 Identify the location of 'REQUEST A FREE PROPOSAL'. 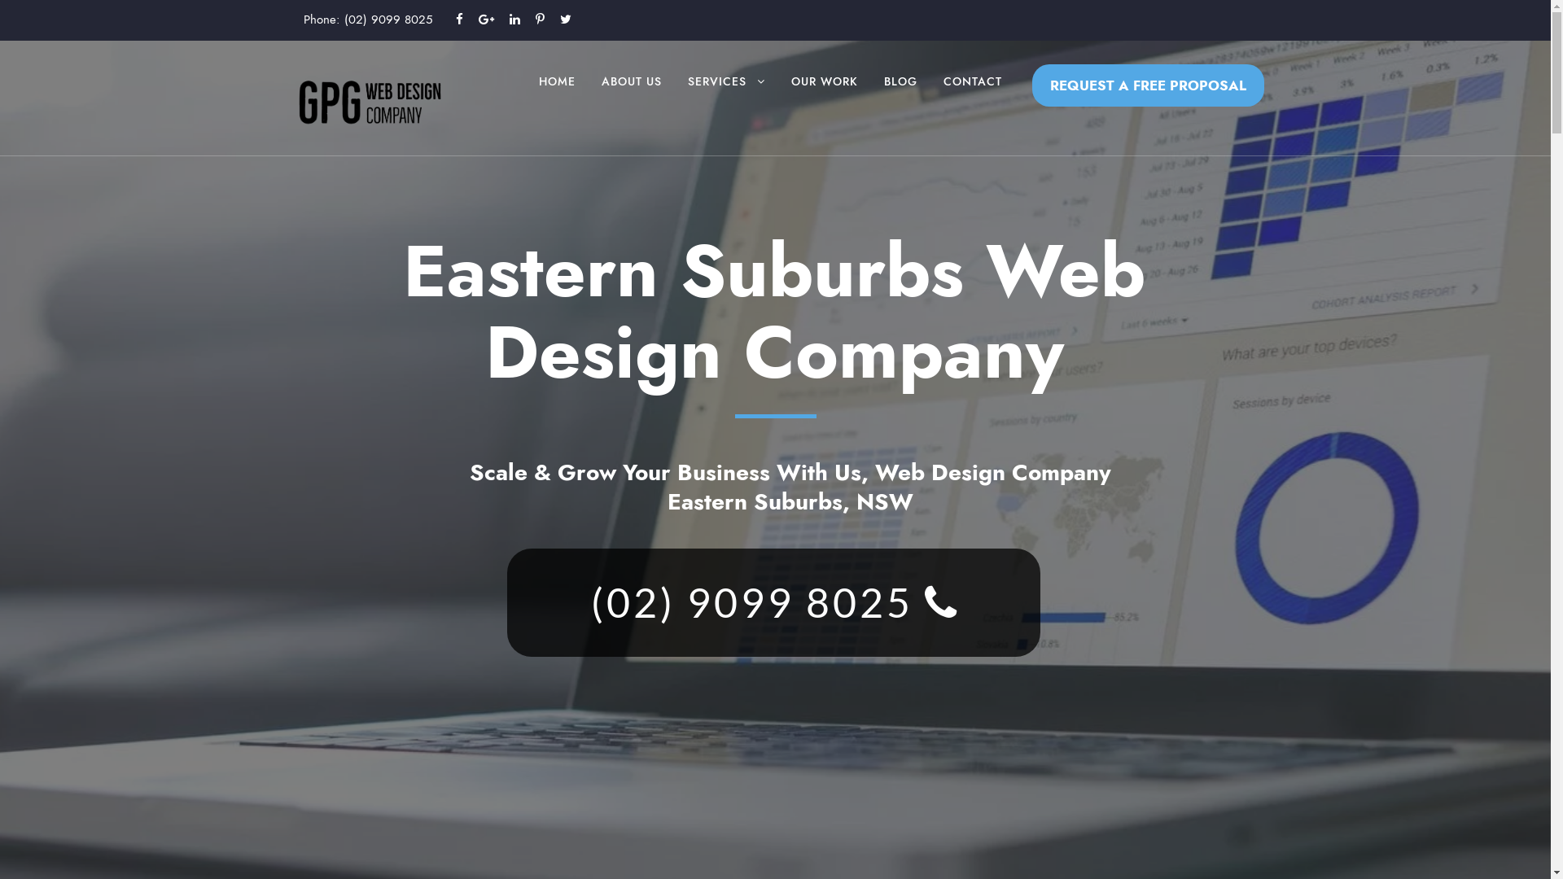
(1147, 85).